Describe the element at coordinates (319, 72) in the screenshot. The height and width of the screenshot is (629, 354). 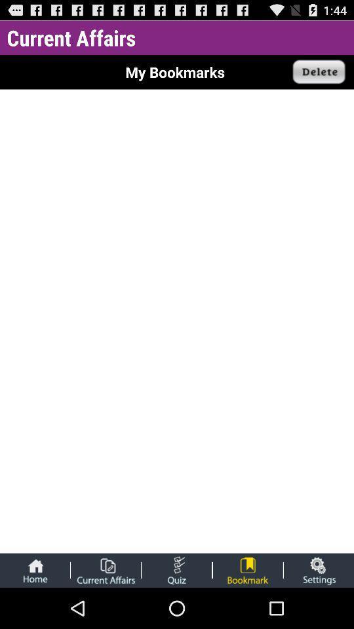
I see `the item to the right of my bookmarks  icon` at that location.